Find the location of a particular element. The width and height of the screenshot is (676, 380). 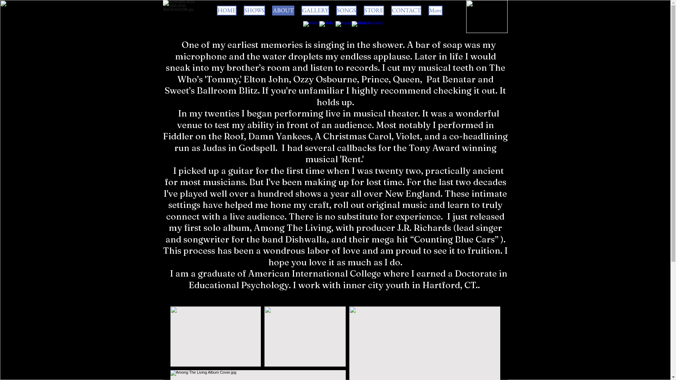

'GALLERY' is located at coordinates (301, 11).